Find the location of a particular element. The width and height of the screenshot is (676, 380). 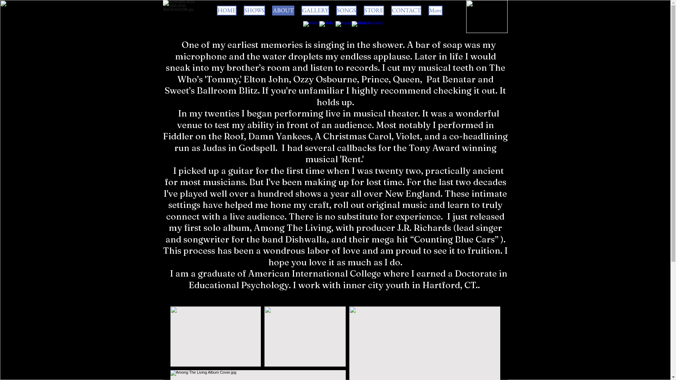

'GALLERY' is located at coordinates (301, 11).